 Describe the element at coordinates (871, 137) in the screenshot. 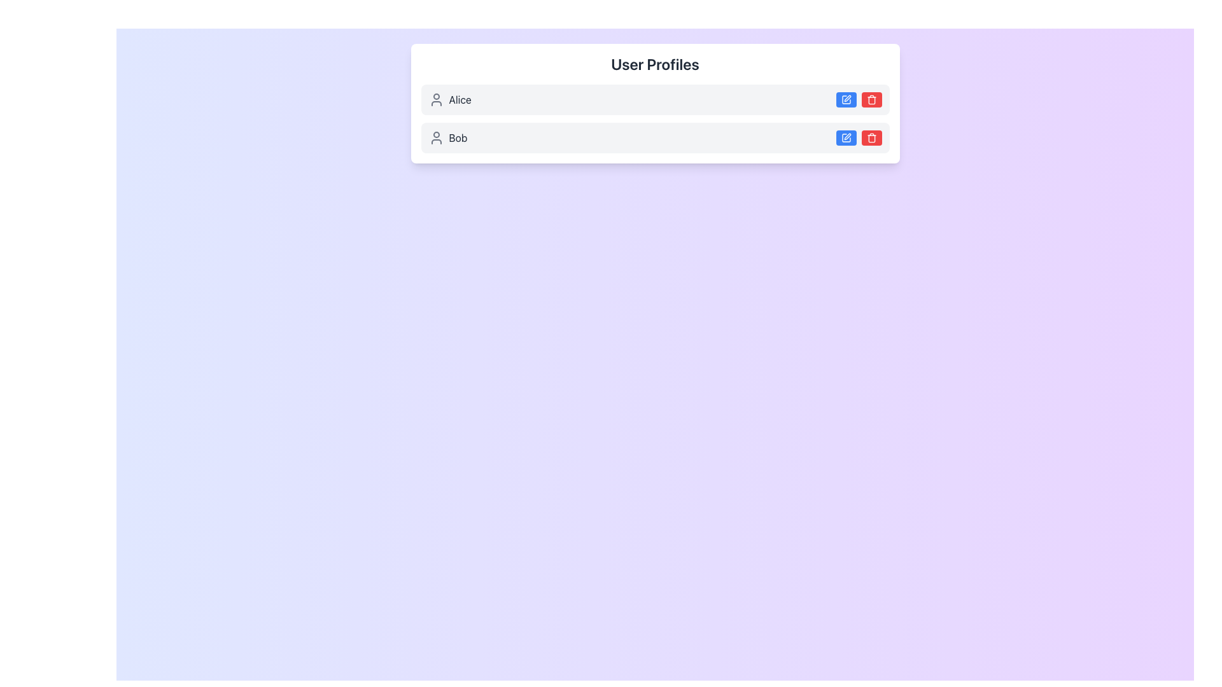

I see `the trash bin icon within the red button located to the right of the row with the text 'Bob' in the user profiles list` at that location.